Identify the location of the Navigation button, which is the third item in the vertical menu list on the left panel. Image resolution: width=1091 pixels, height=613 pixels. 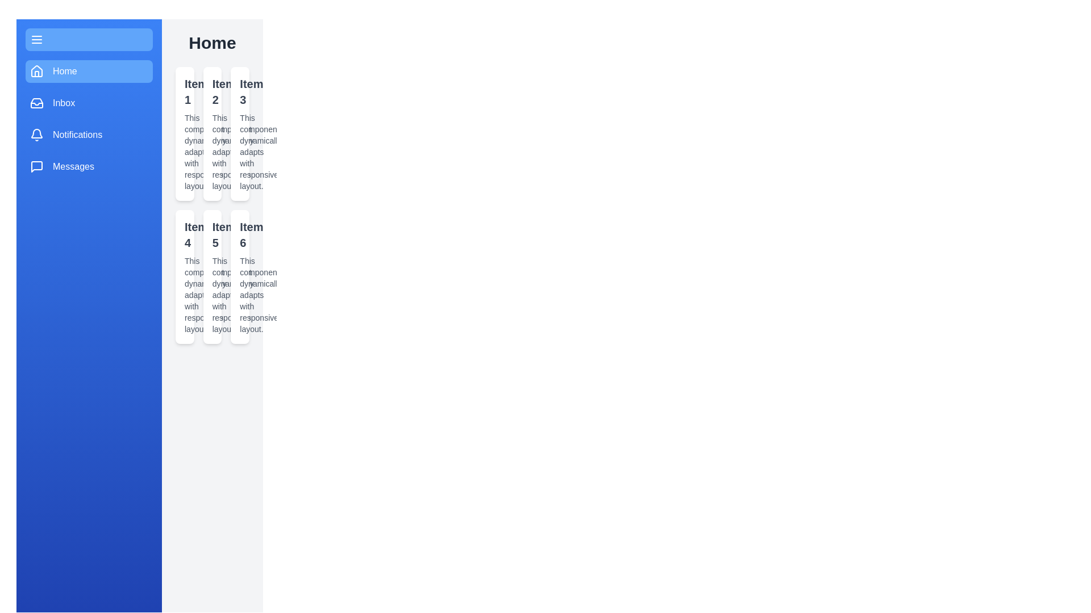
(89, 135).